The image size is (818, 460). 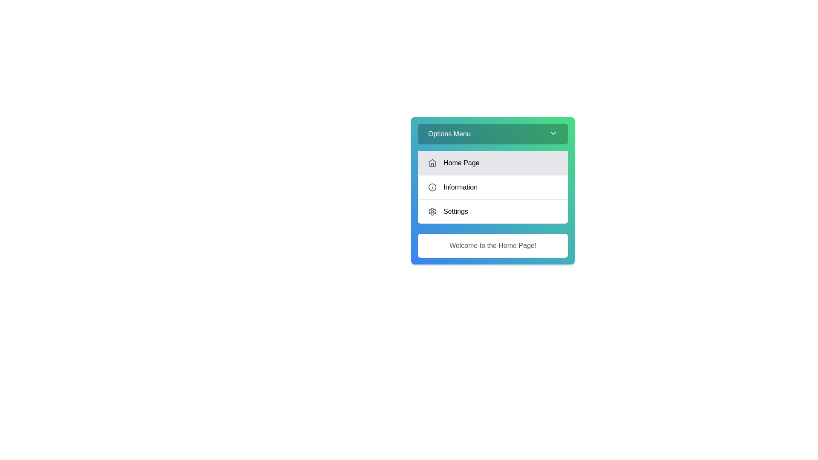 I want to click on the welcoming message Text label located at the bottom of a card with rounded corners on a green-to-blue gradient backdrop, so click(x=493, y=246).